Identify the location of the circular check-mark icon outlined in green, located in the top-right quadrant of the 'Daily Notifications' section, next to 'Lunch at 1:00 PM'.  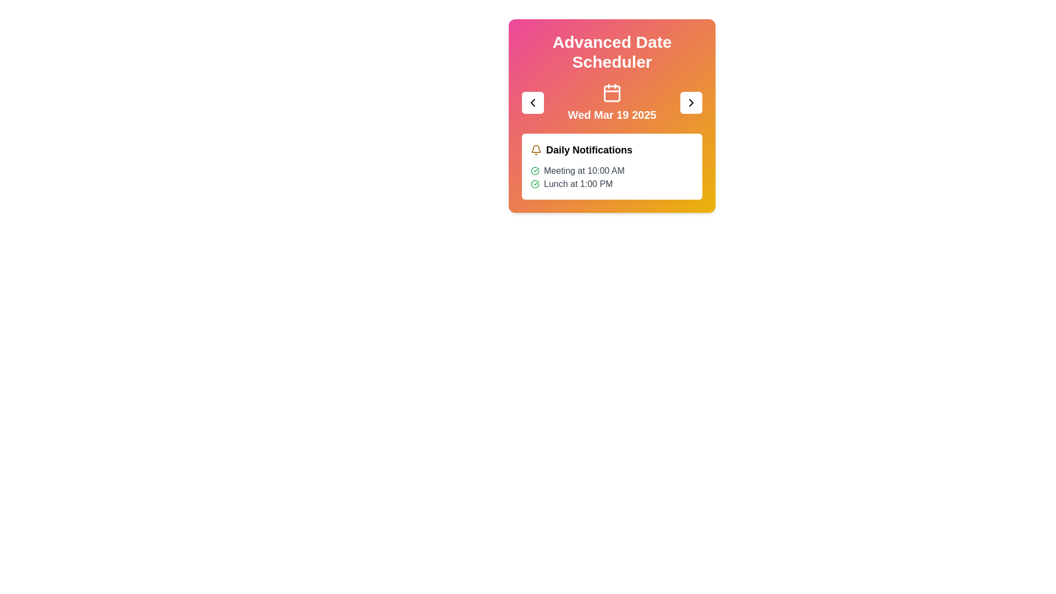
(535, 171).